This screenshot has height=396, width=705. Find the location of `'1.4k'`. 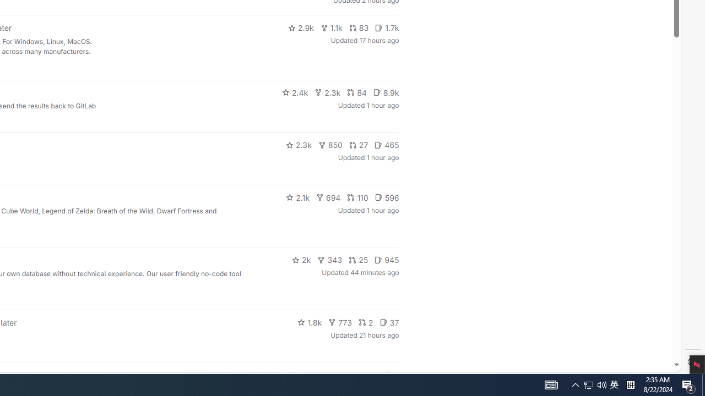

'1.4k' is located at coordinates (315, 374).